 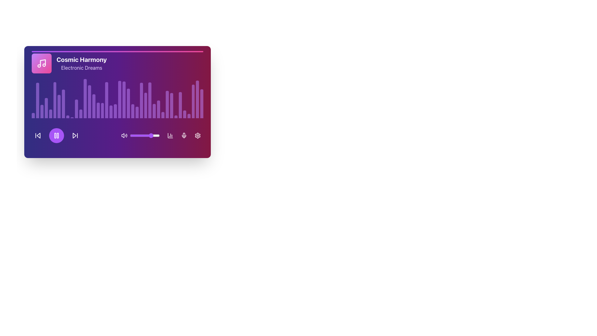 I want to click on the fifth vertical bar of the visual equalizer representation in the music player interface, which displays the amplitude or volume level of the specific frequency in the currently playing music track, so click(x=50, y=114).